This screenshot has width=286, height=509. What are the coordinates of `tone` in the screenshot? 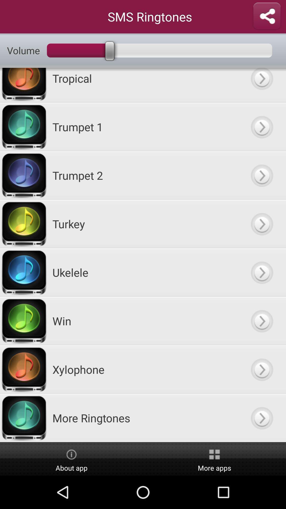 It's located at (261, 126).